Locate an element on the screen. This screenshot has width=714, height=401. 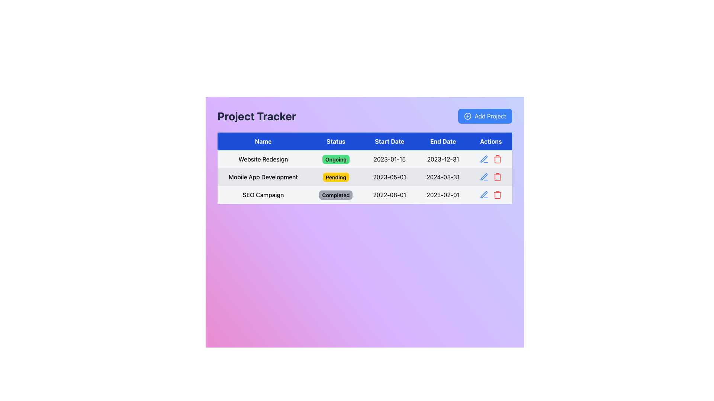
the delete button in the 'Actions' column of the last row for the 'SEO Campaign' with status 'Completed' to initiate the delete operation is located at coordinates (498, 194).